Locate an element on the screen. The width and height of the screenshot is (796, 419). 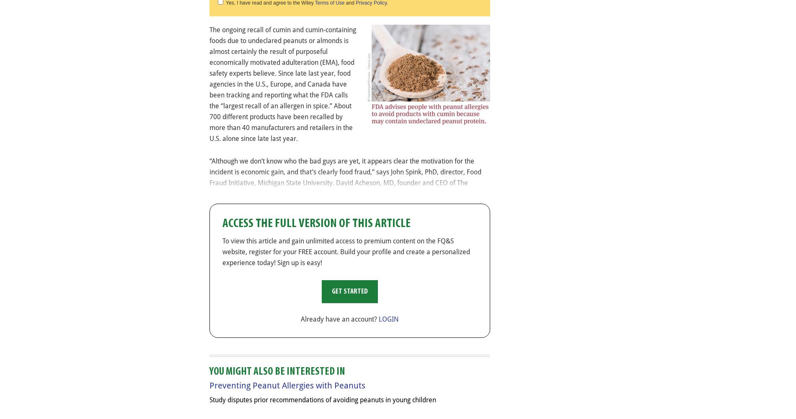
'One of the first companies to voluntarily recall products was Adams Flavors, Foods & Ingredients of Gonzales, Texas, which late last year declared it had been notified by a third-party supplier that one of its spice ingredients contained peanut proteins. Goya Foods subsequently recalled many of its black beans and black bean soup products while Whole Foods recalled more than 100 different products sold in its stores nationwide.' is located at coordinates (344, 248).